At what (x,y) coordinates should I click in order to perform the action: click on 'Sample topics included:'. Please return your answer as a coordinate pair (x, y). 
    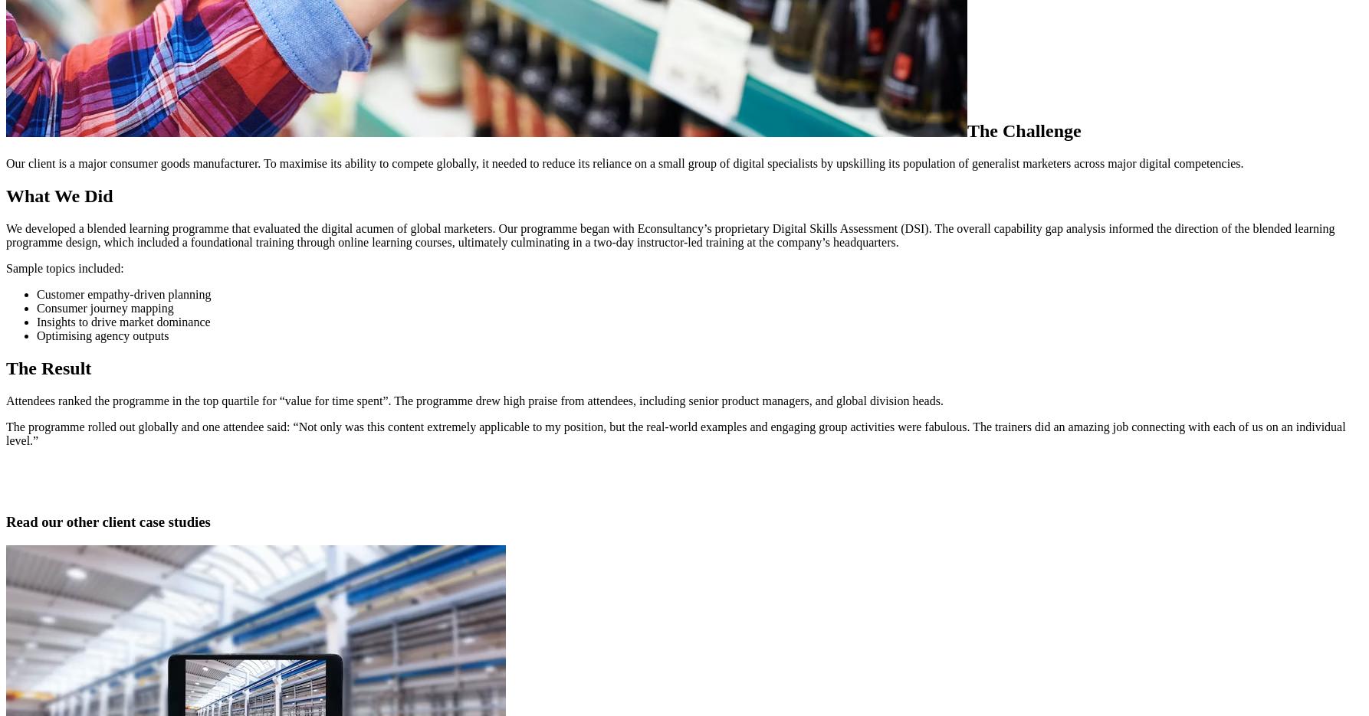
    Looking at the image, I should click on (64, 266).